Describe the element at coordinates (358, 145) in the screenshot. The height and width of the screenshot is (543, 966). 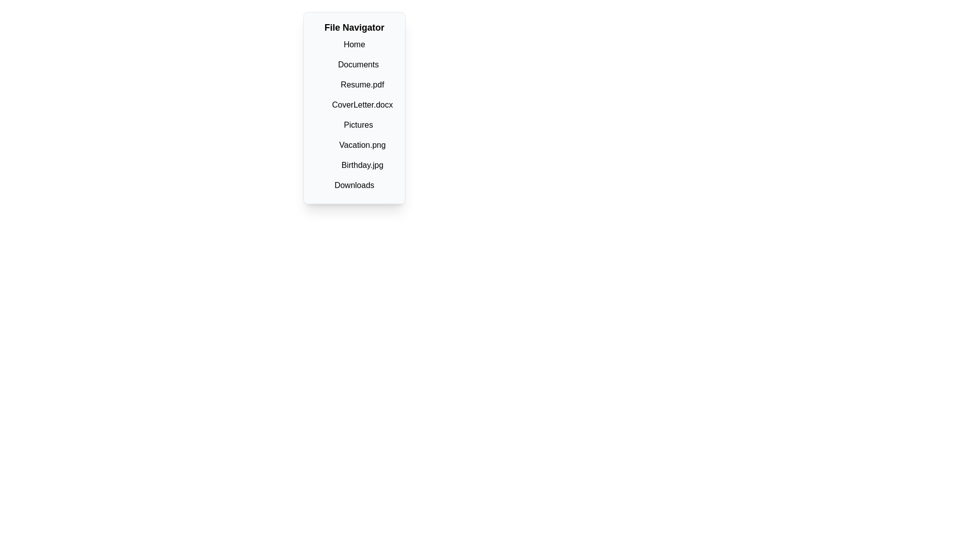
I see `text displayed under the 'Pictures' section, which includes 'Vacation.png' and 'Birthday.jpg'` at that location.